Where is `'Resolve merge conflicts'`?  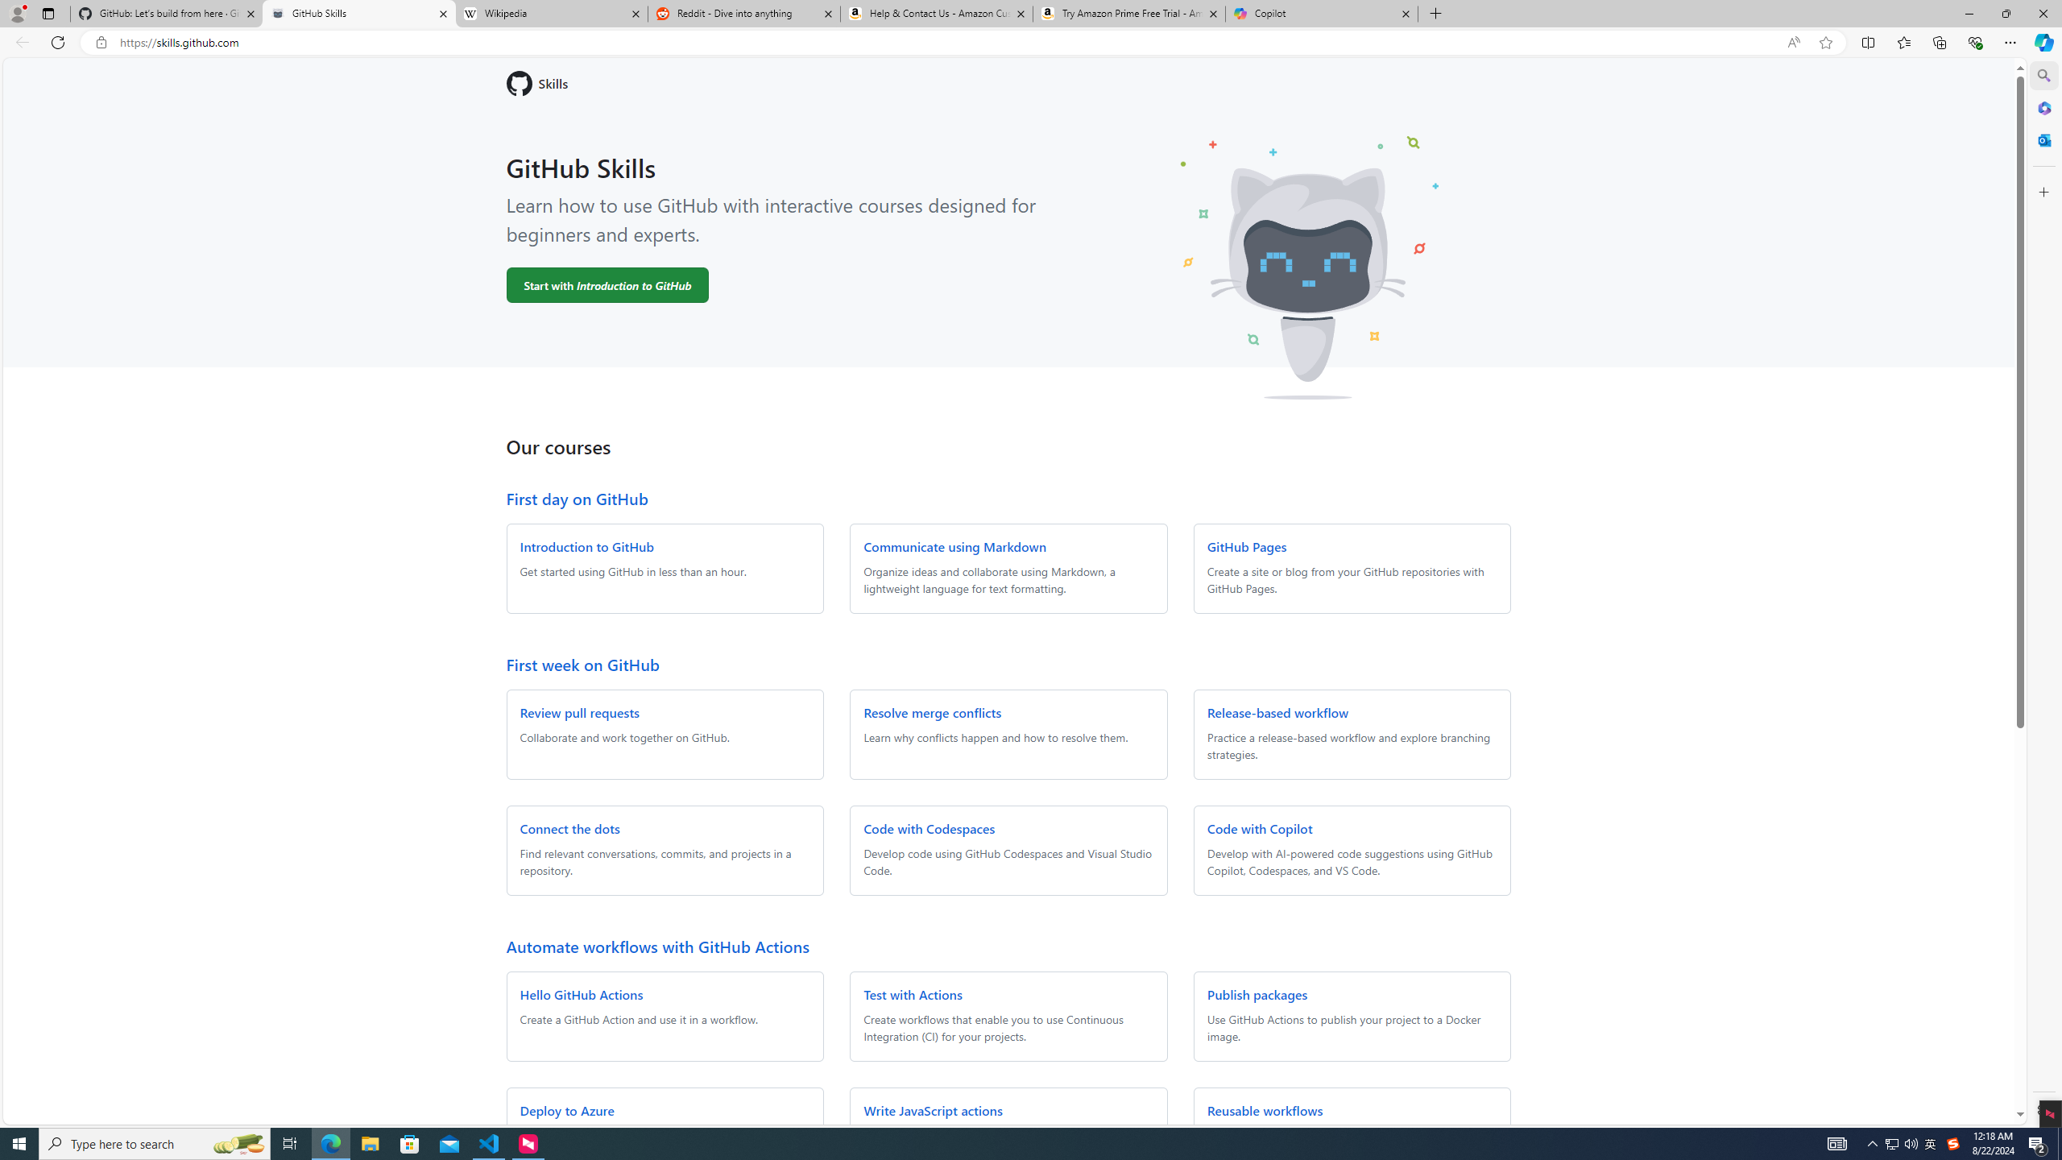
'Resolve merge conflicts' is located at coordinates (932, 712).